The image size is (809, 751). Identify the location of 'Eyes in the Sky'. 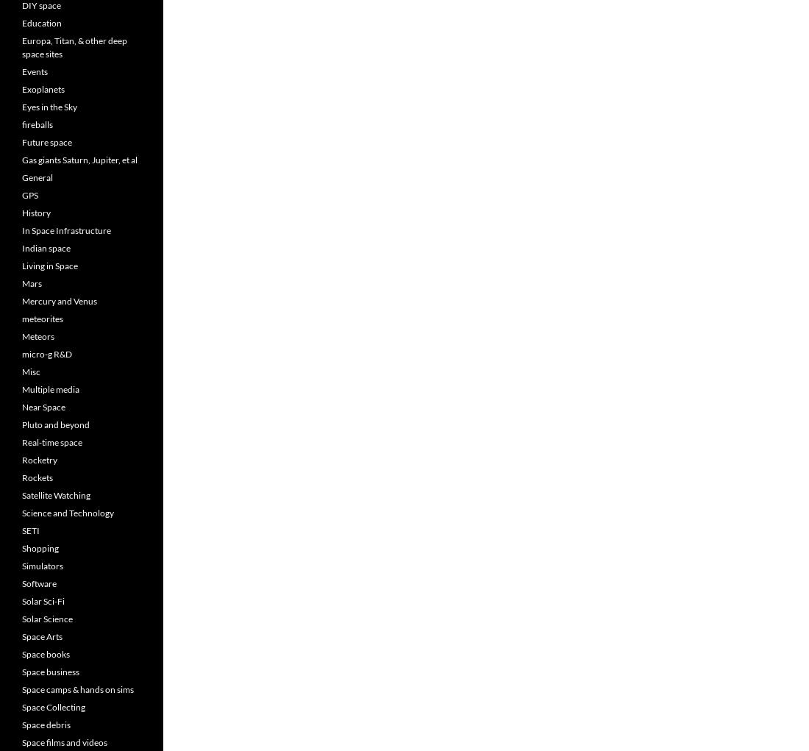
(21, 107).